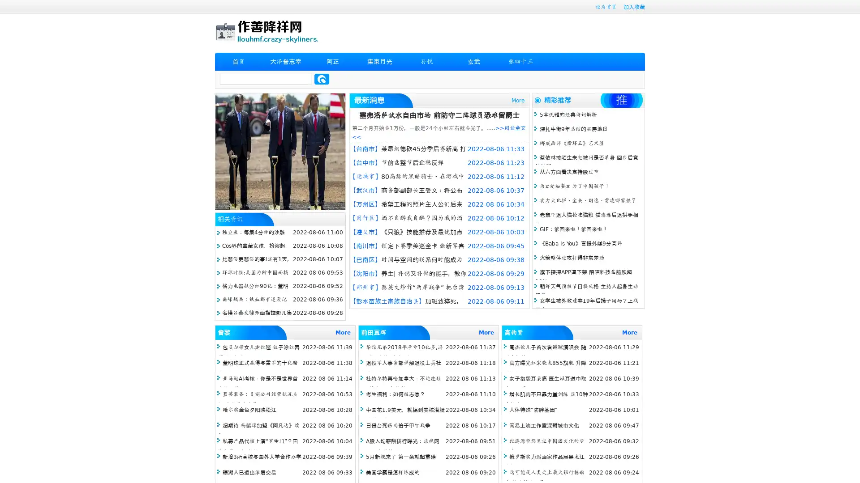 Image resolution: width=860 pixels, height=483 pixels. Describe the element at coordinates (322, 79) in the screenshot. I see `Search` at that location.